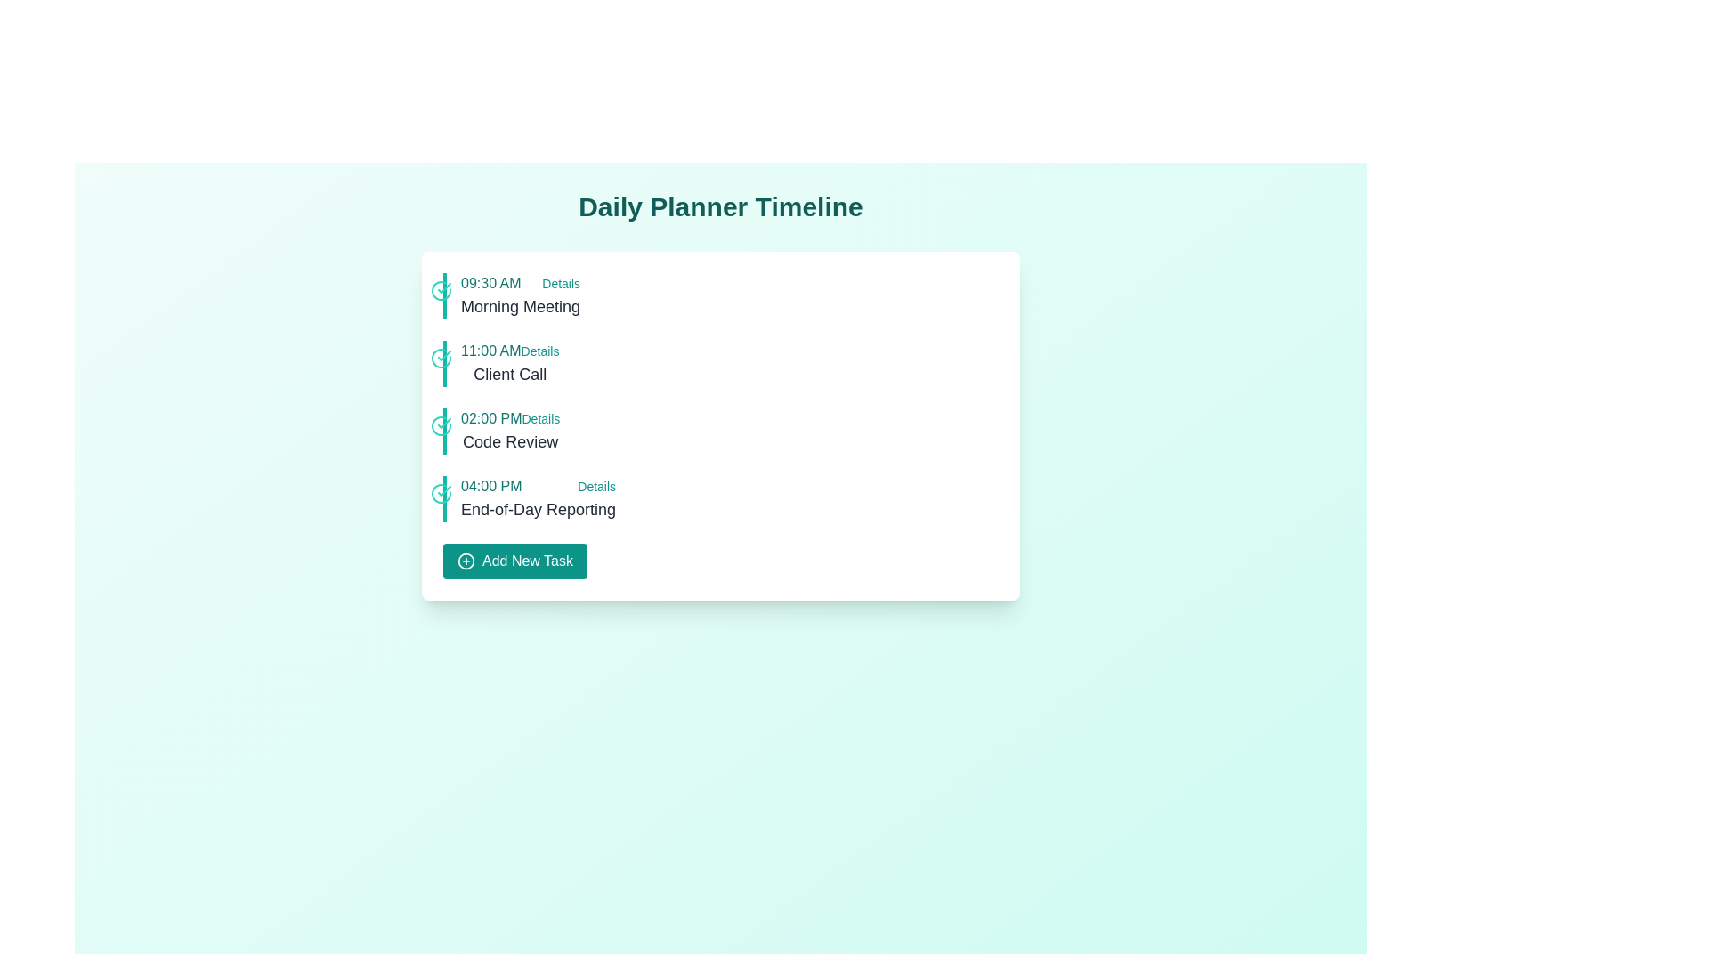  What do you see at coordinates (509, 373) in the screenshot?
I see `the Text label that denotes the event titled 'Client Call', which is positioned below '11:00 AM Details' and above the '02:00 PM' timeline entry` at bounding box center [509, 373].